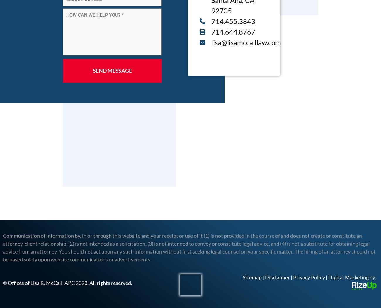  Describe the element at coordinates (233, 31) in the screenshot. I see `'714.644.8767'` at that location.